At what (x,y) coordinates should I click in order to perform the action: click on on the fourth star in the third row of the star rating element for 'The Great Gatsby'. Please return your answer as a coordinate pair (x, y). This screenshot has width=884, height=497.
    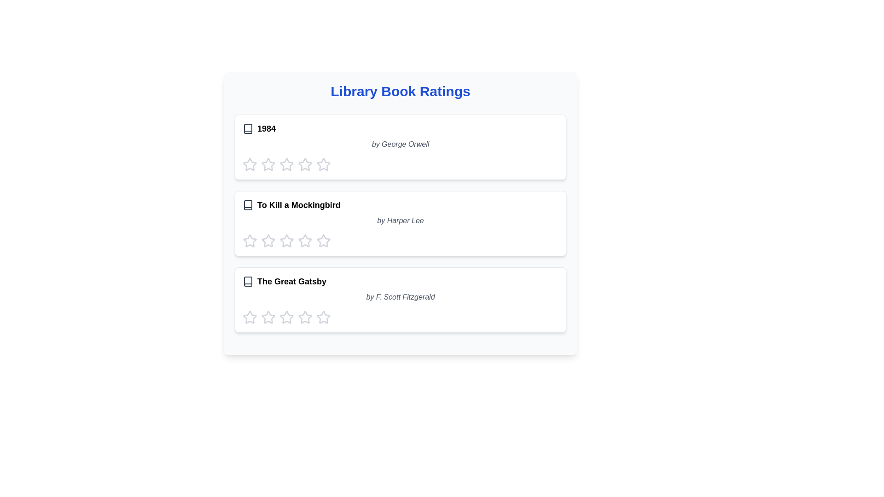
    Looking at the image, I should click on (323, 317).